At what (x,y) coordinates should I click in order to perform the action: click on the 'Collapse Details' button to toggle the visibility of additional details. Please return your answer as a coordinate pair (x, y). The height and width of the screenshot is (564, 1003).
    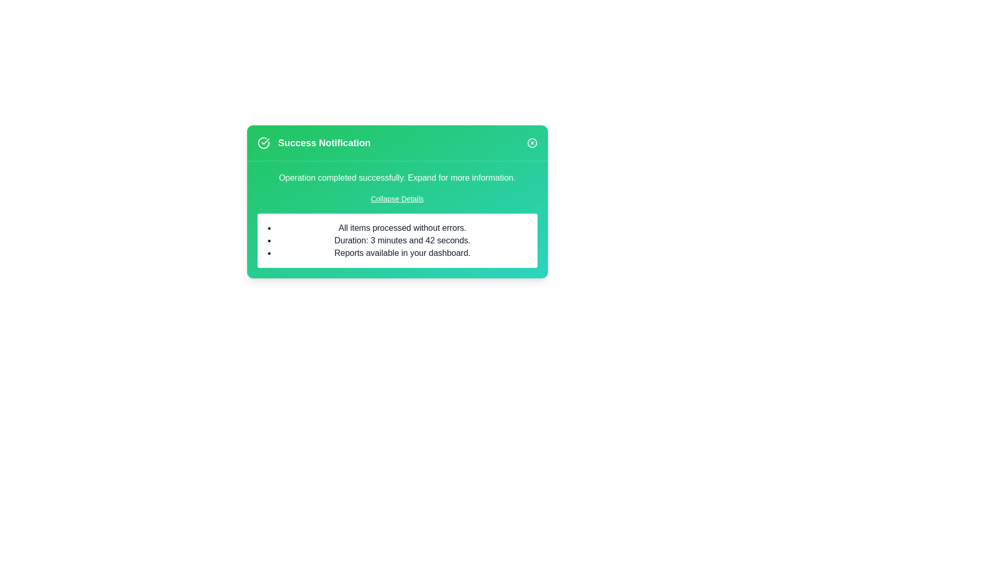
    Looking at the image, I should click on (396, 199).